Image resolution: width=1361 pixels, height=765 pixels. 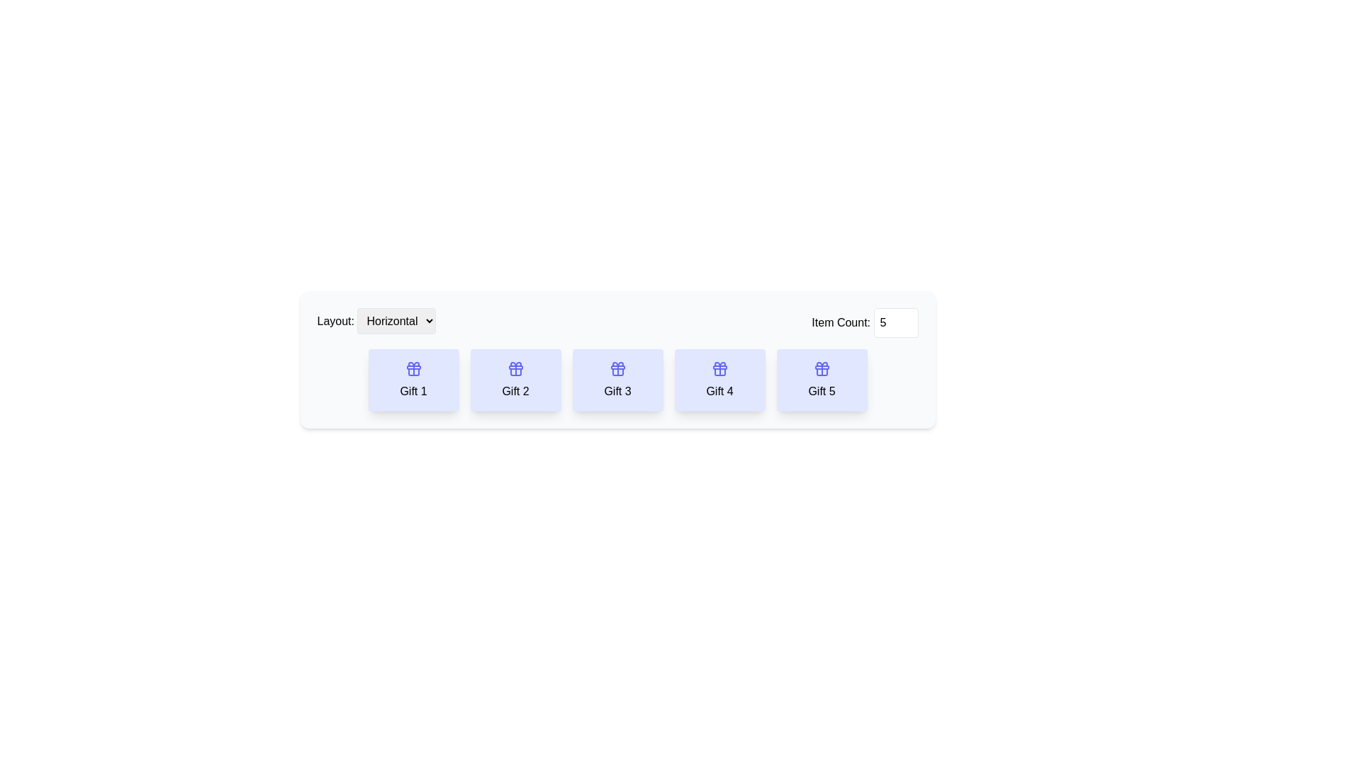 I want to click on the top horizontal bar of the gift icon representing 'Gift 5', located on the far right of the horizontal list of gift items, so click(x=822, y=367).